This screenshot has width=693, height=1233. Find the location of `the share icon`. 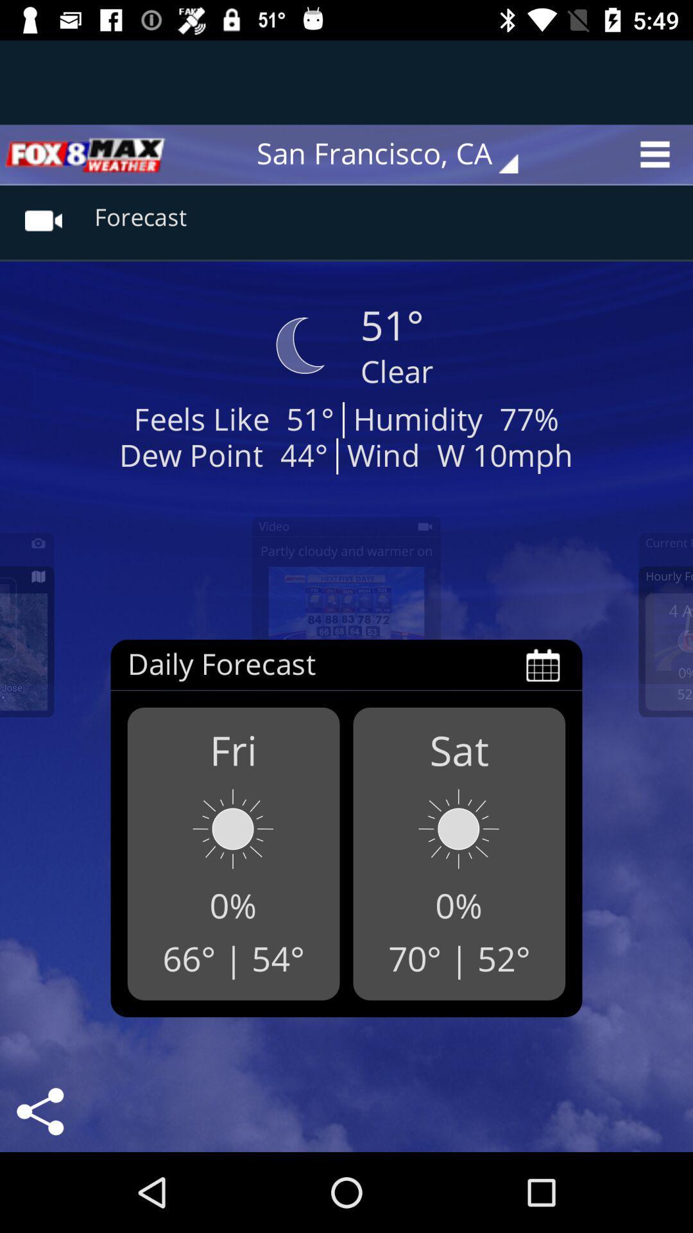

the share icon is located at coordinates (39, 1111).